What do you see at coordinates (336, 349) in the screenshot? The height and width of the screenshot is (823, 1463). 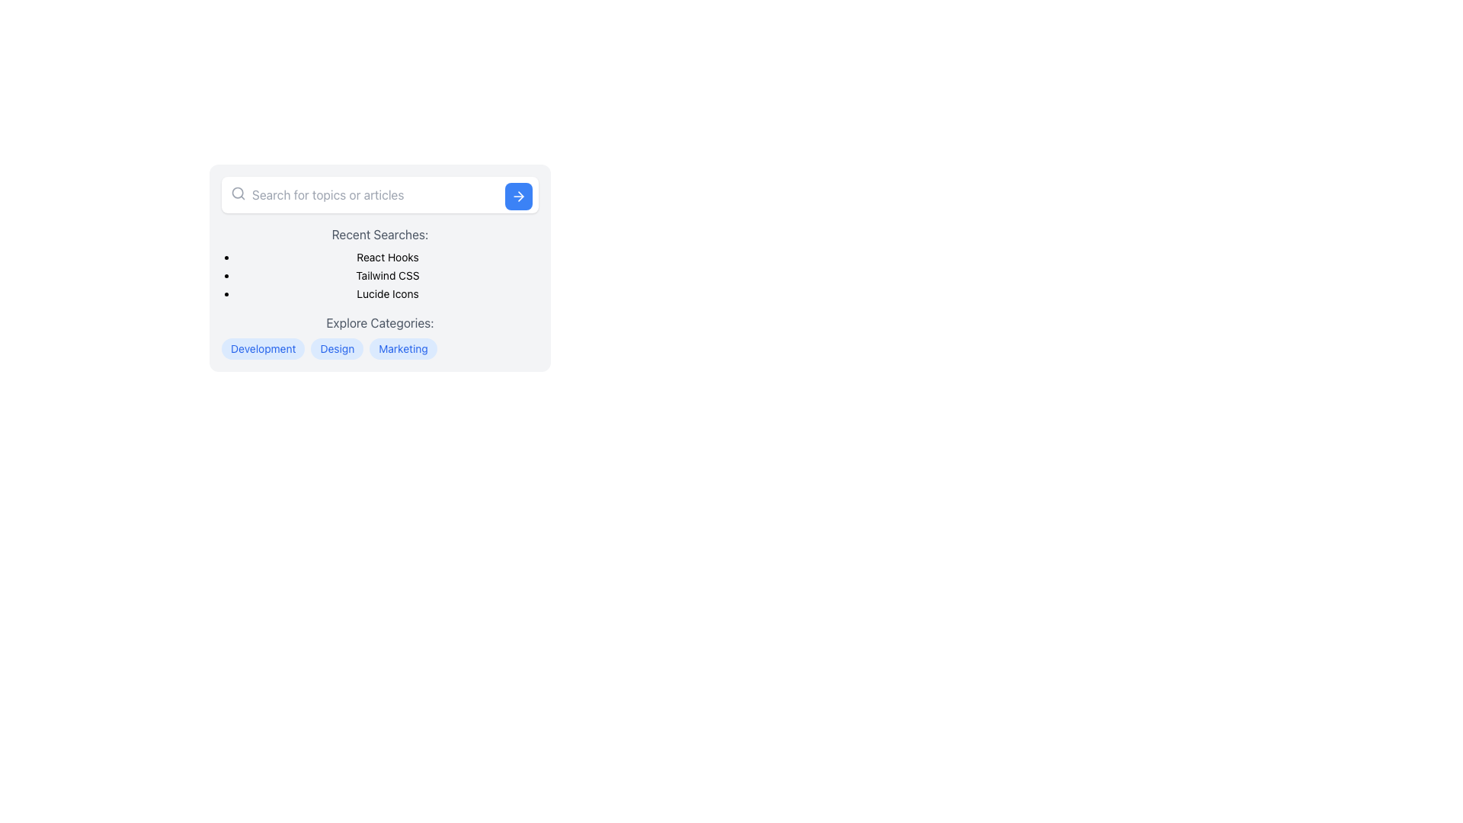 I see `the 'Design' category label located in the 'Explore Categories' section, which is the second tag in a horizontal list between 'Development' and 'Marketing'` at bounding box center [336, 349].